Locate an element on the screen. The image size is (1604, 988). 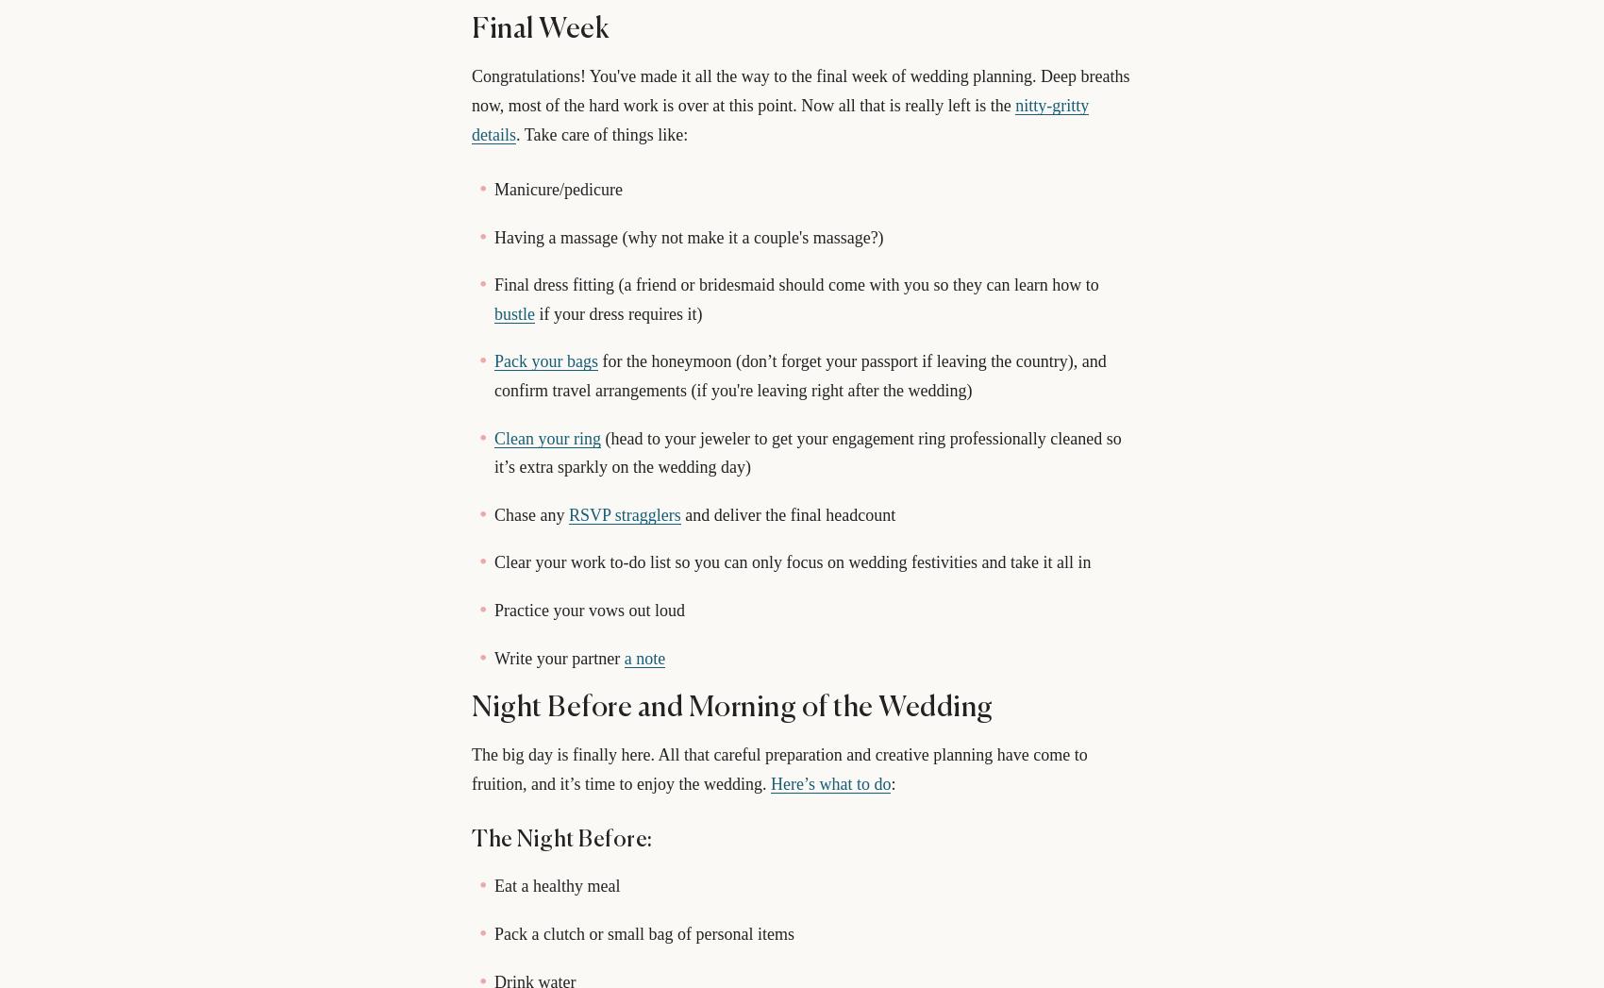
'Clear your work to-do list so you can only focus on wedding festivities and take it all in' is located at coordinates (791, 561).